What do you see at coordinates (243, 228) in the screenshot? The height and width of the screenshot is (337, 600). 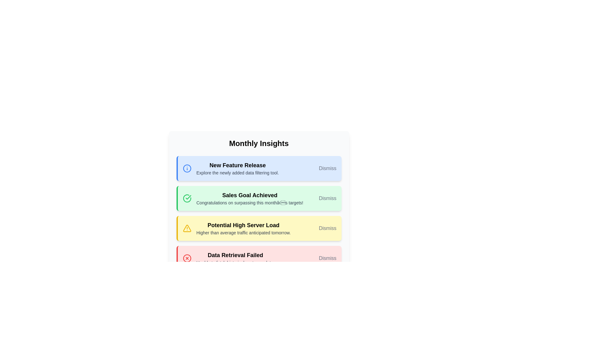 I see `the informational text block displaying 'Potential High Server Load' and 'Higher than average traffic anticipated tomorrow.' which is centrally located within a yellow-highlighted section` at bounding box center [243, 228].